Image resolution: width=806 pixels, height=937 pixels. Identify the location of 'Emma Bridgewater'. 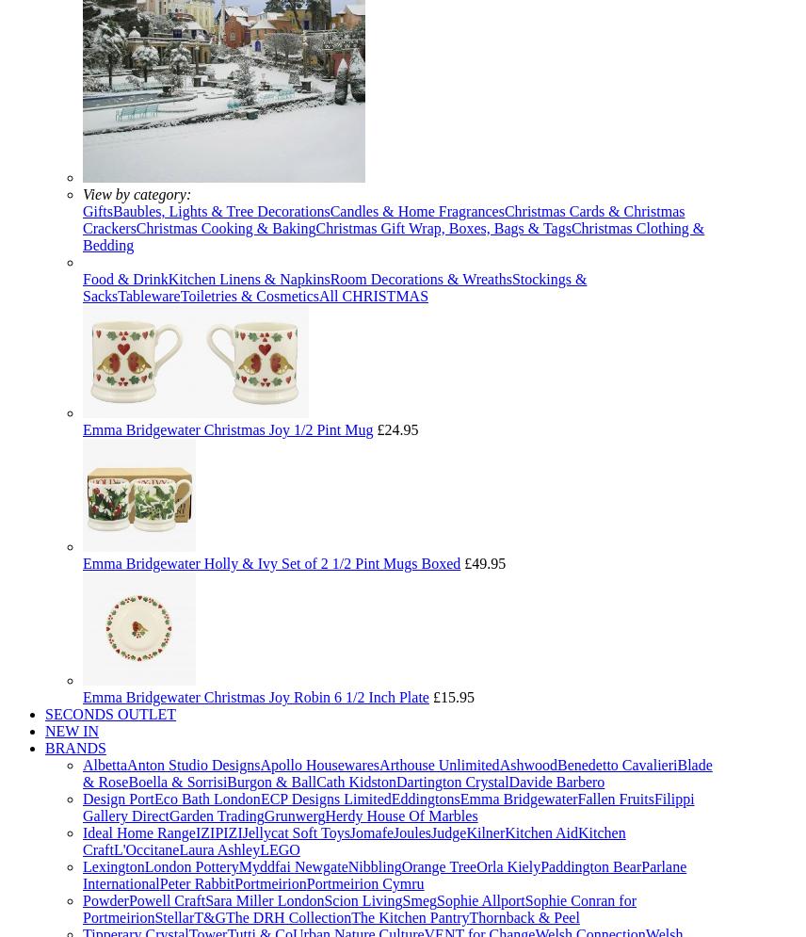
(517, 799).